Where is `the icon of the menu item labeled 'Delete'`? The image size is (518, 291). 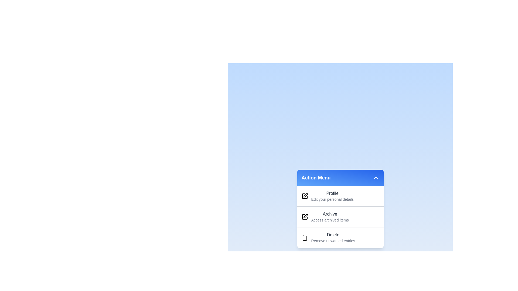 the icon of the menu item labeled 'Delete' is located at coordinates (305, 237).